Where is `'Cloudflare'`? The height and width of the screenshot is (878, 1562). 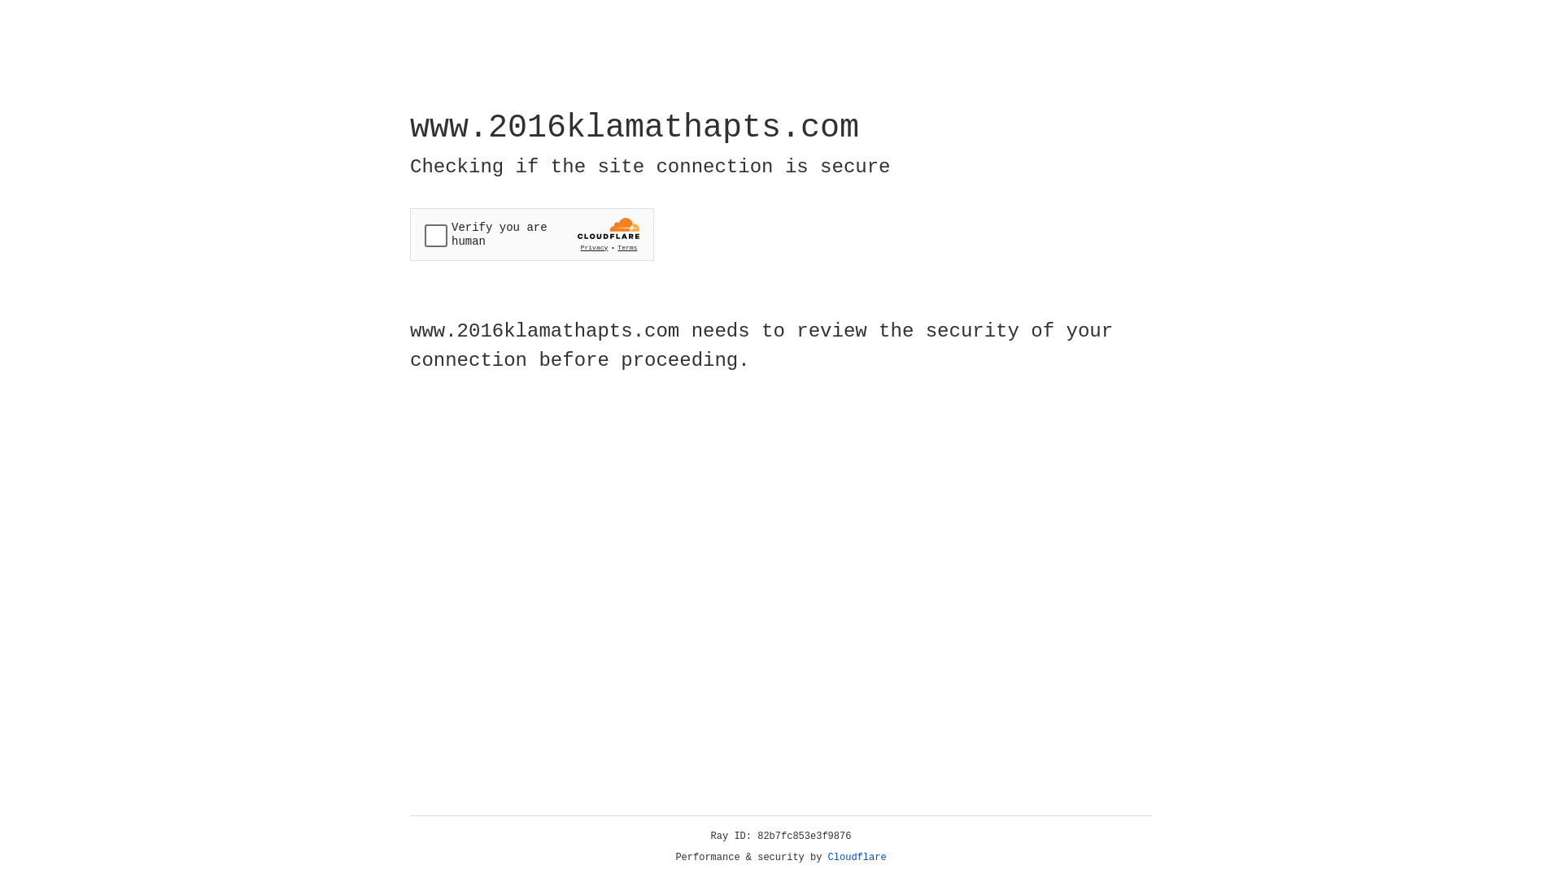
'Cloudflare' is located at coordinates (827, 857).